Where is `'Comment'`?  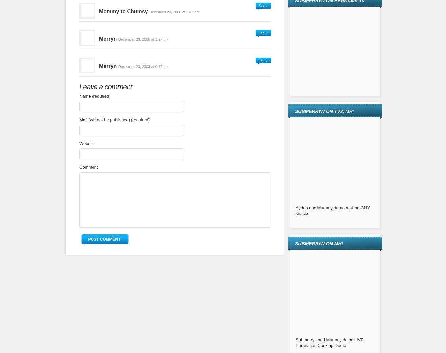 'Comment' is located at coordinates (88, 167).